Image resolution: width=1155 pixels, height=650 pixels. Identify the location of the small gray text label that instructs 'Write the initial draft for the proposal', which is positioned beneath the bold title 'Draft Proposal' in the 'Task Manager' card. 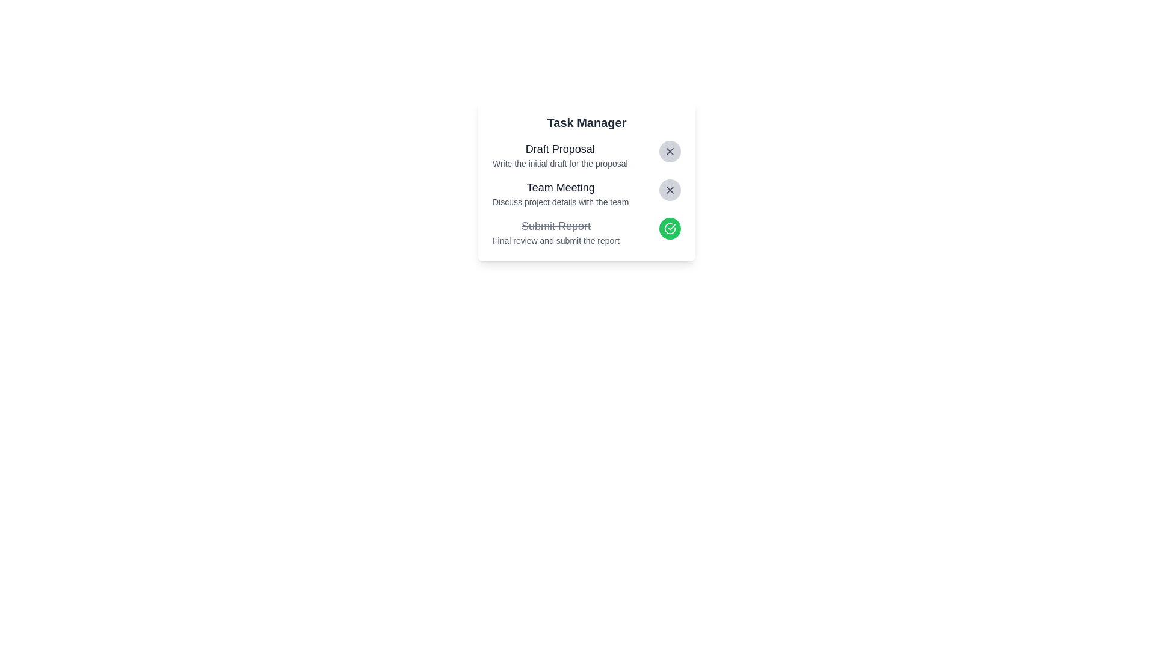
(559, 164).